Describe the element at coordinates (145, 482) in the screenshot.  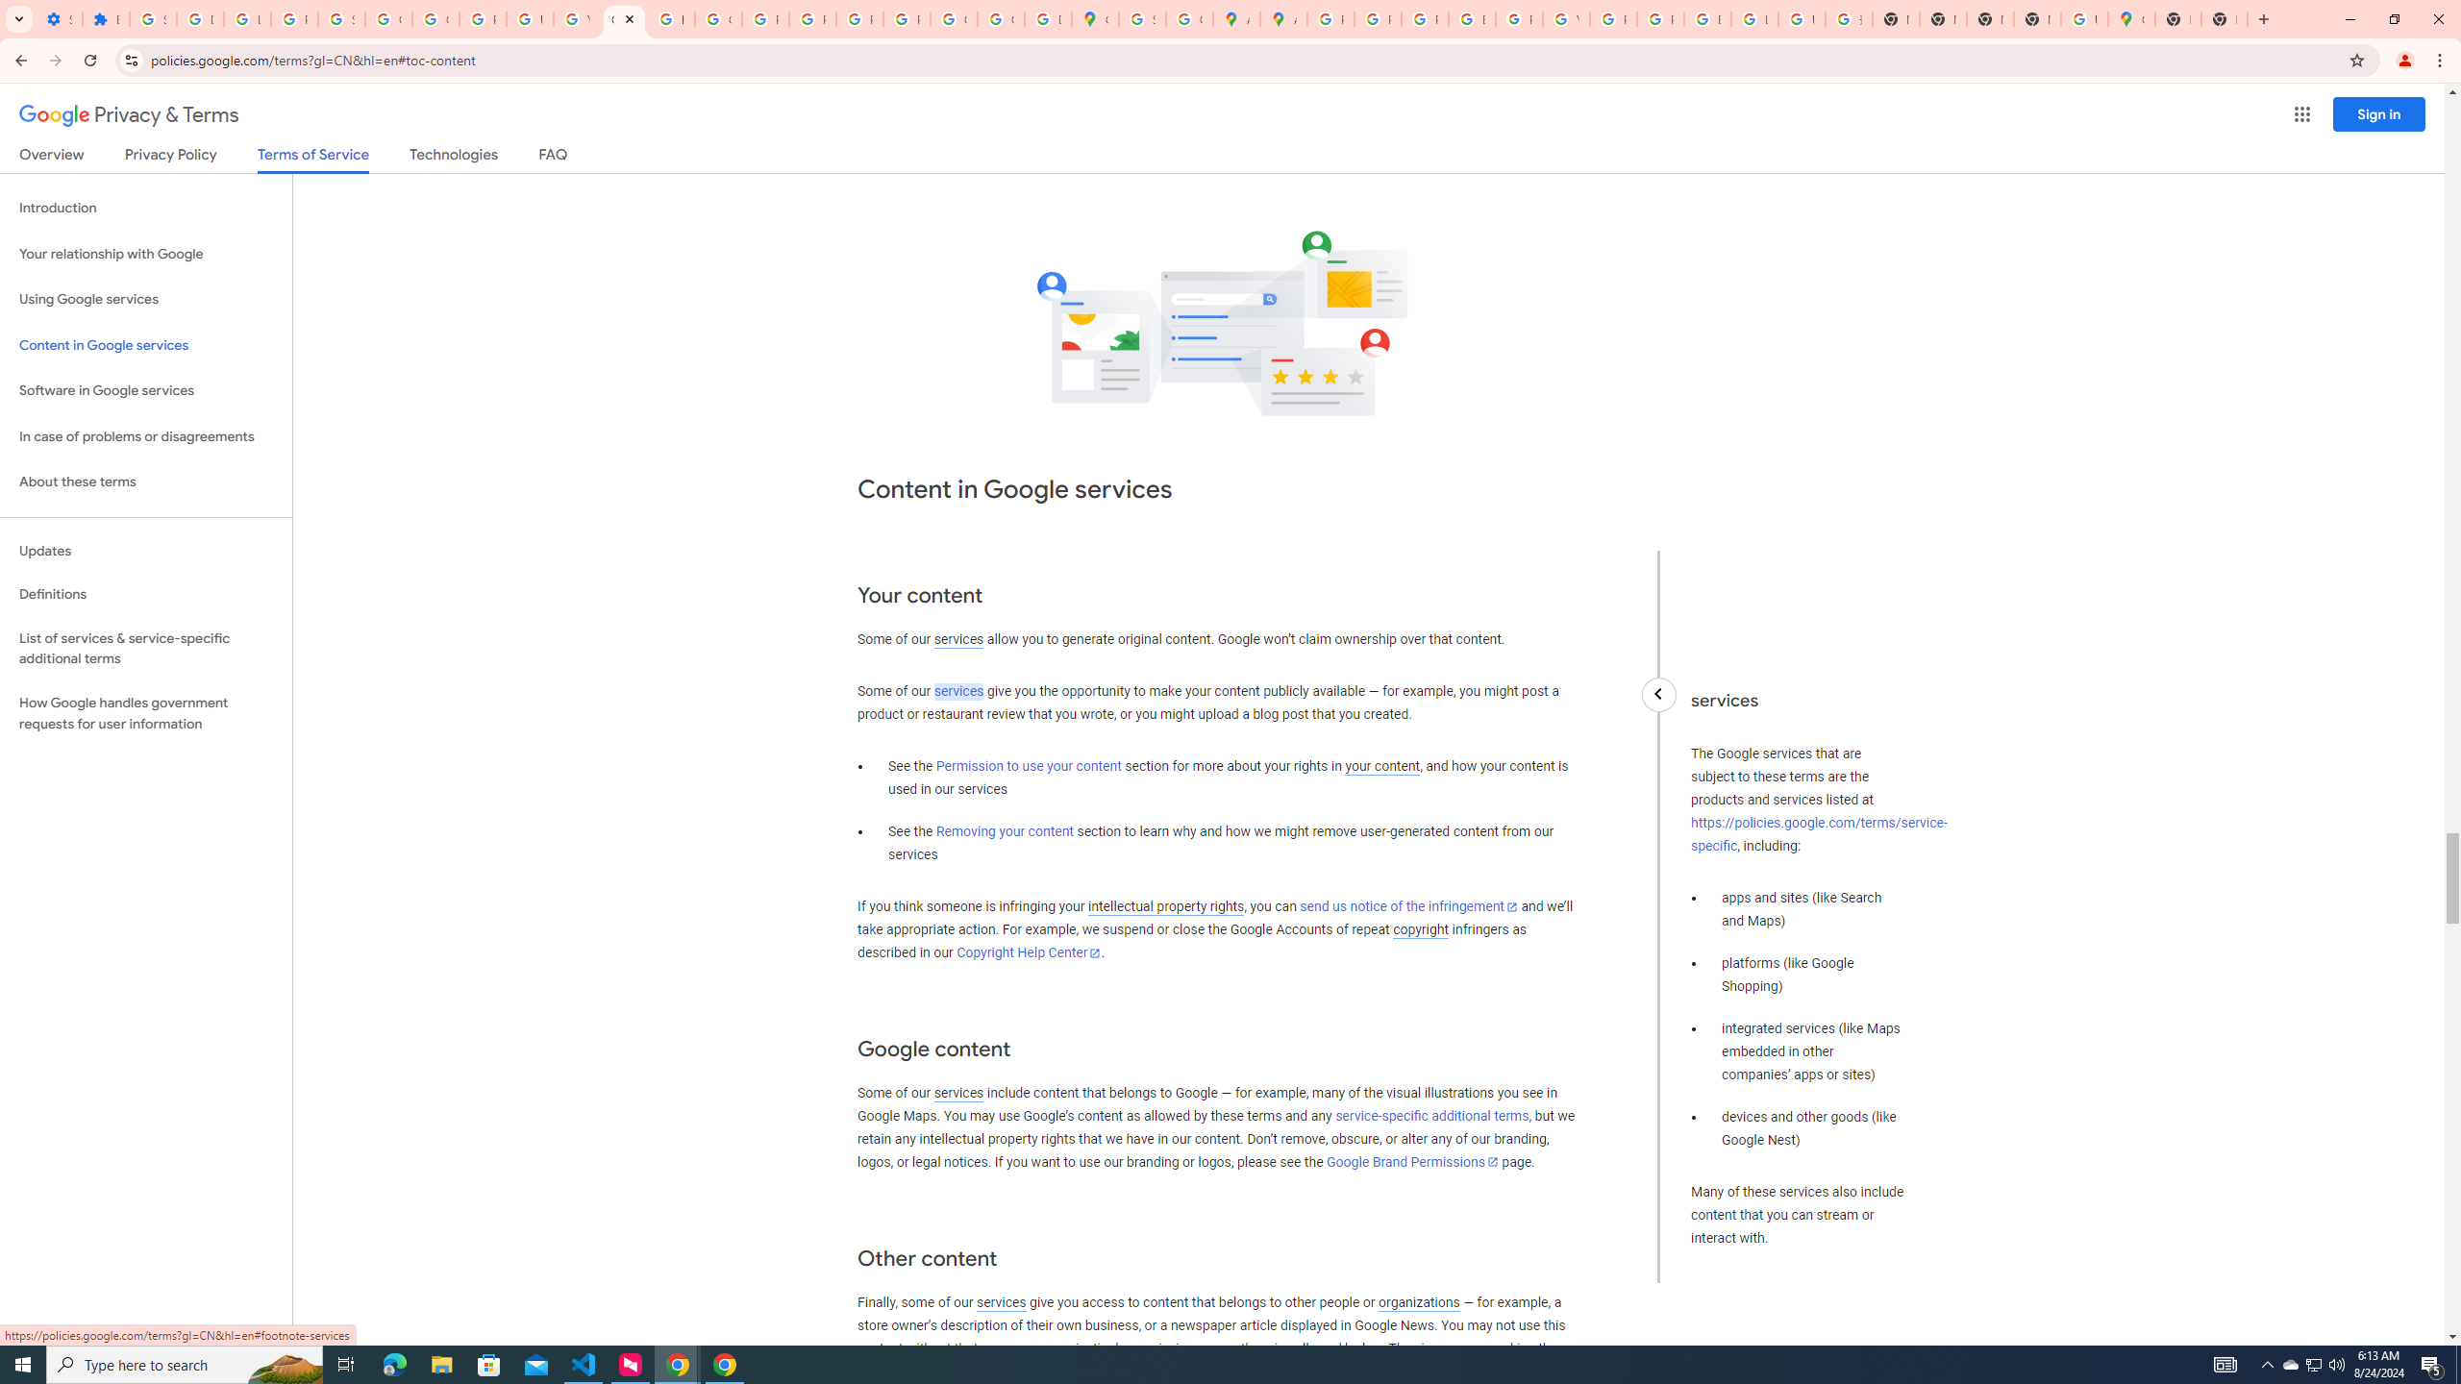
I see `'About these terms'` at that location.